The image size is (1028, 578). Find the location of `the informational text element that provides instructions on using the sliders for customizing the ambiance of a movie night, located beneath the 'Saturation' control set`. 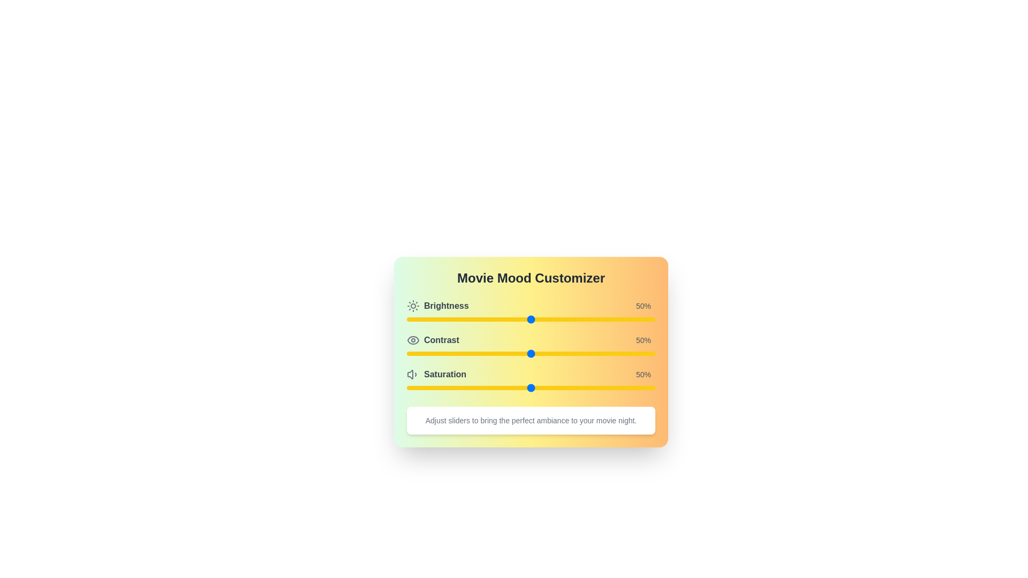

the informational text element that provides instructions on using the sliders for customizing the ambiance of a movie night, located beneath the 'Saturation' control set is located at coordinates (531, 420).